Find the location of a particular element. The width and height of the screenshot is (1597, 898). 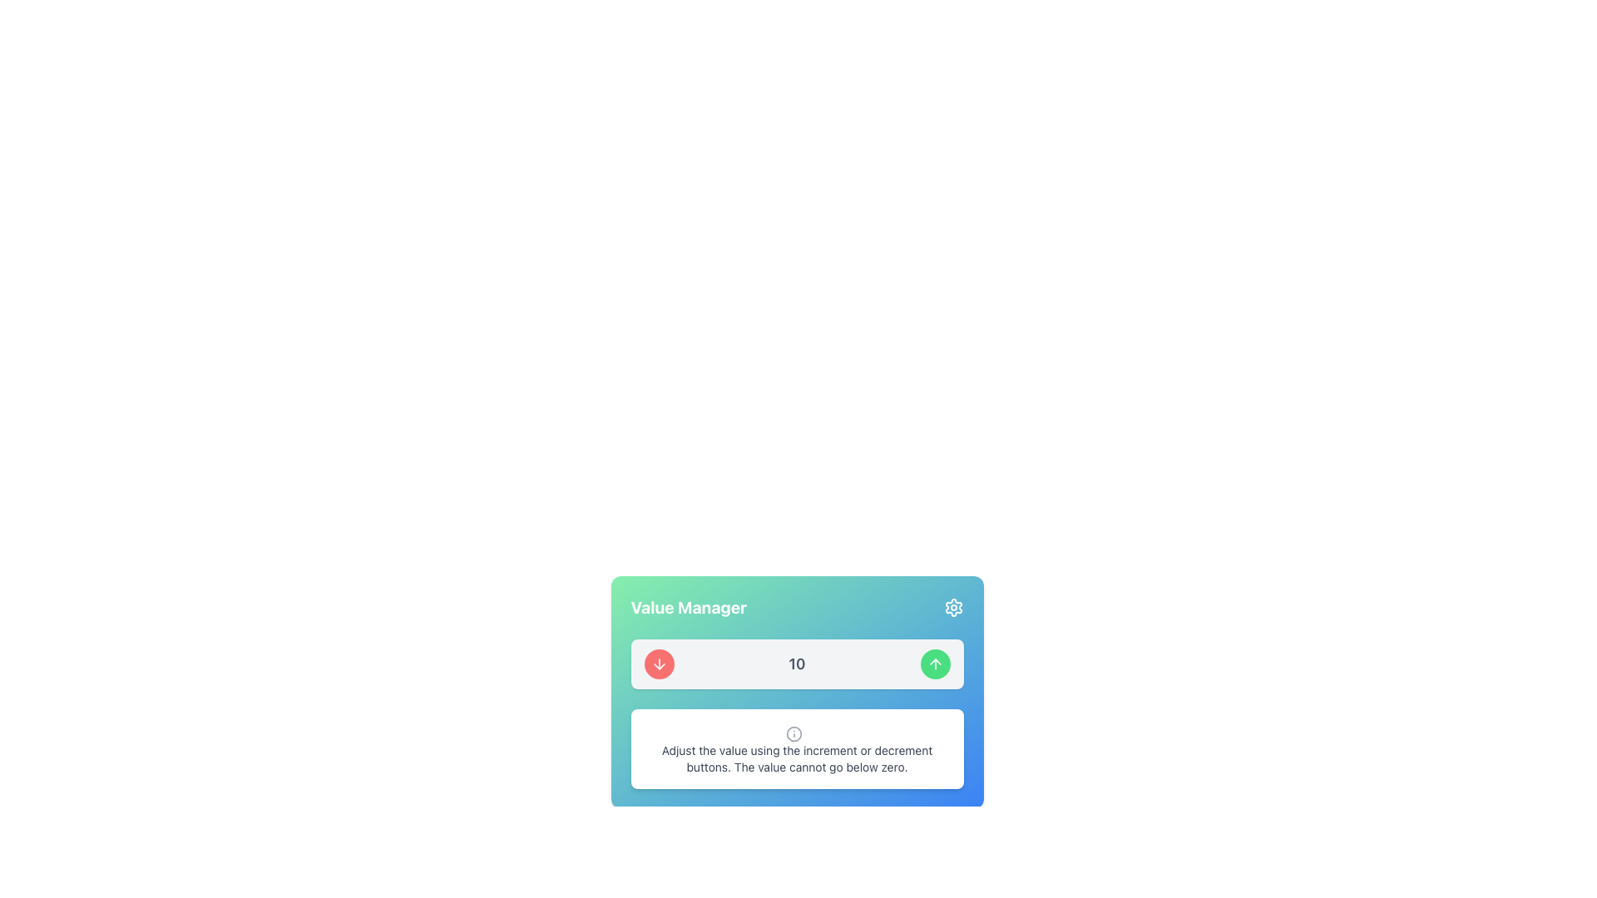

the increase value button located to the right of the numeric display is located at coordinates (935, 663).